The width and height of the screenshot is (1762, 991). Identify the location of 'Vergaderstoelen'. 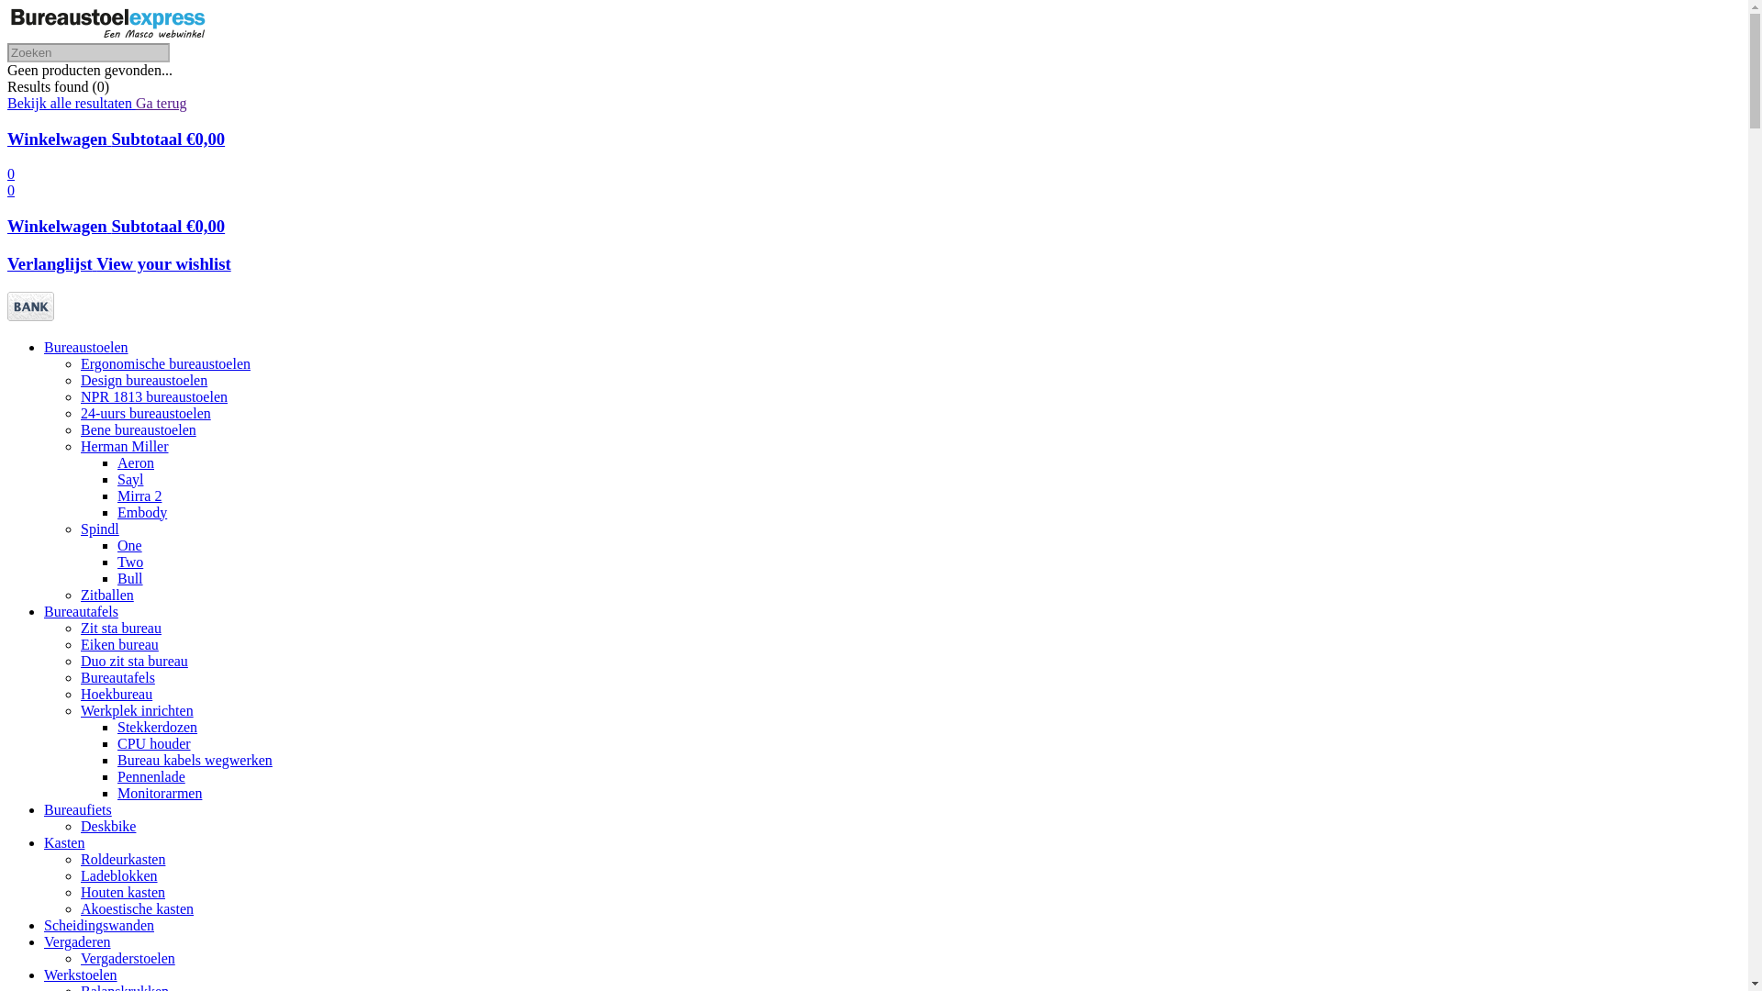
(127, 957).